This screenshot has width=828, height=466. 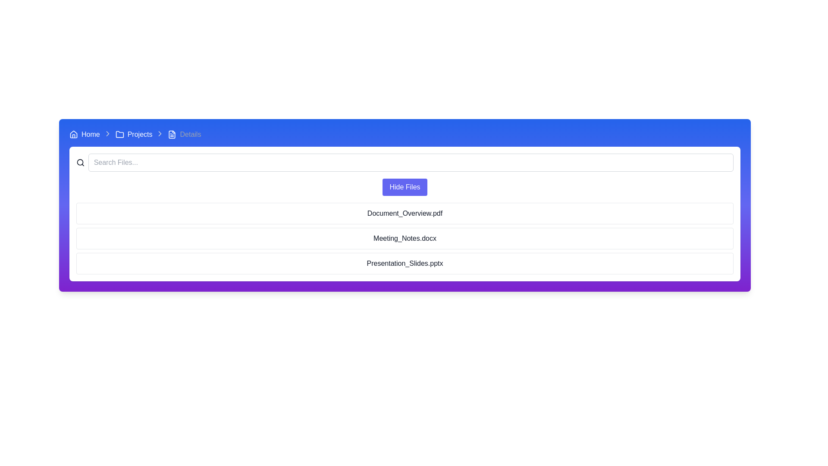 I want to click on the 'Projects' breadcrumb navigation item, which is the second item, so click(x=133, y=135).